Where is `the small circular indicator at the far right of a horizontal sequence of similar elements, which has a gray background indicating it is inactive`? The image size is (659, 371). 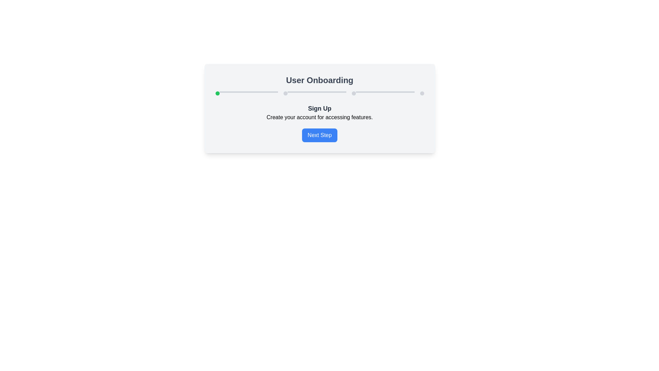 the small circular indicator at the far right of a horizontal sequence of similar elements, which has a gray background indicating it is inactive is located at coordinates (421, 93).